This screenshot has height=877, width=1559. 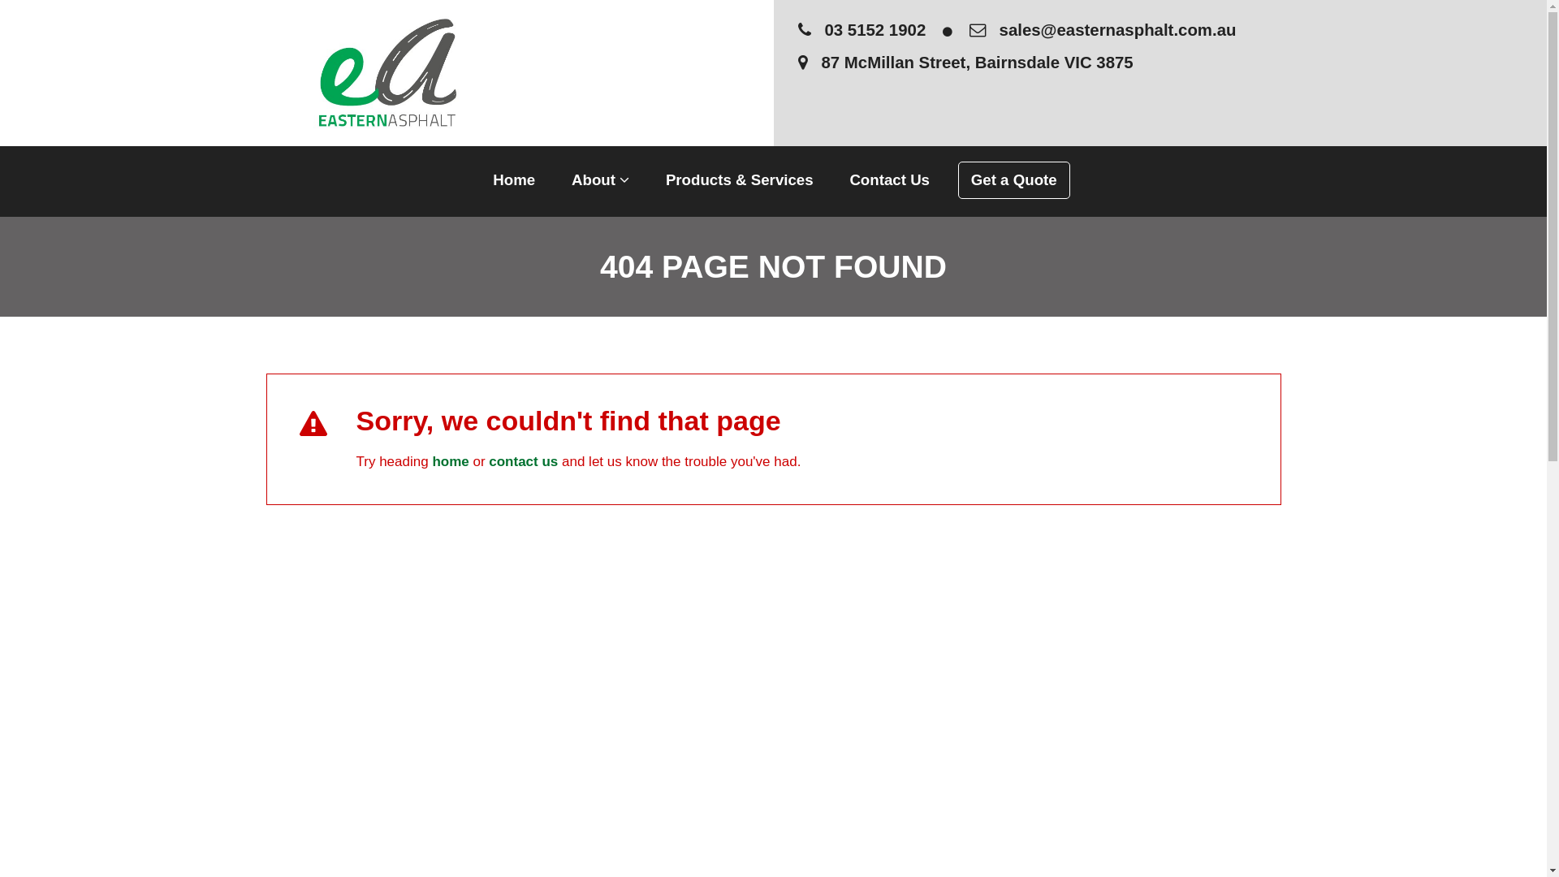 I want to click on '  sales@easternasphalt.com.au', so click(x=1103, y=30).